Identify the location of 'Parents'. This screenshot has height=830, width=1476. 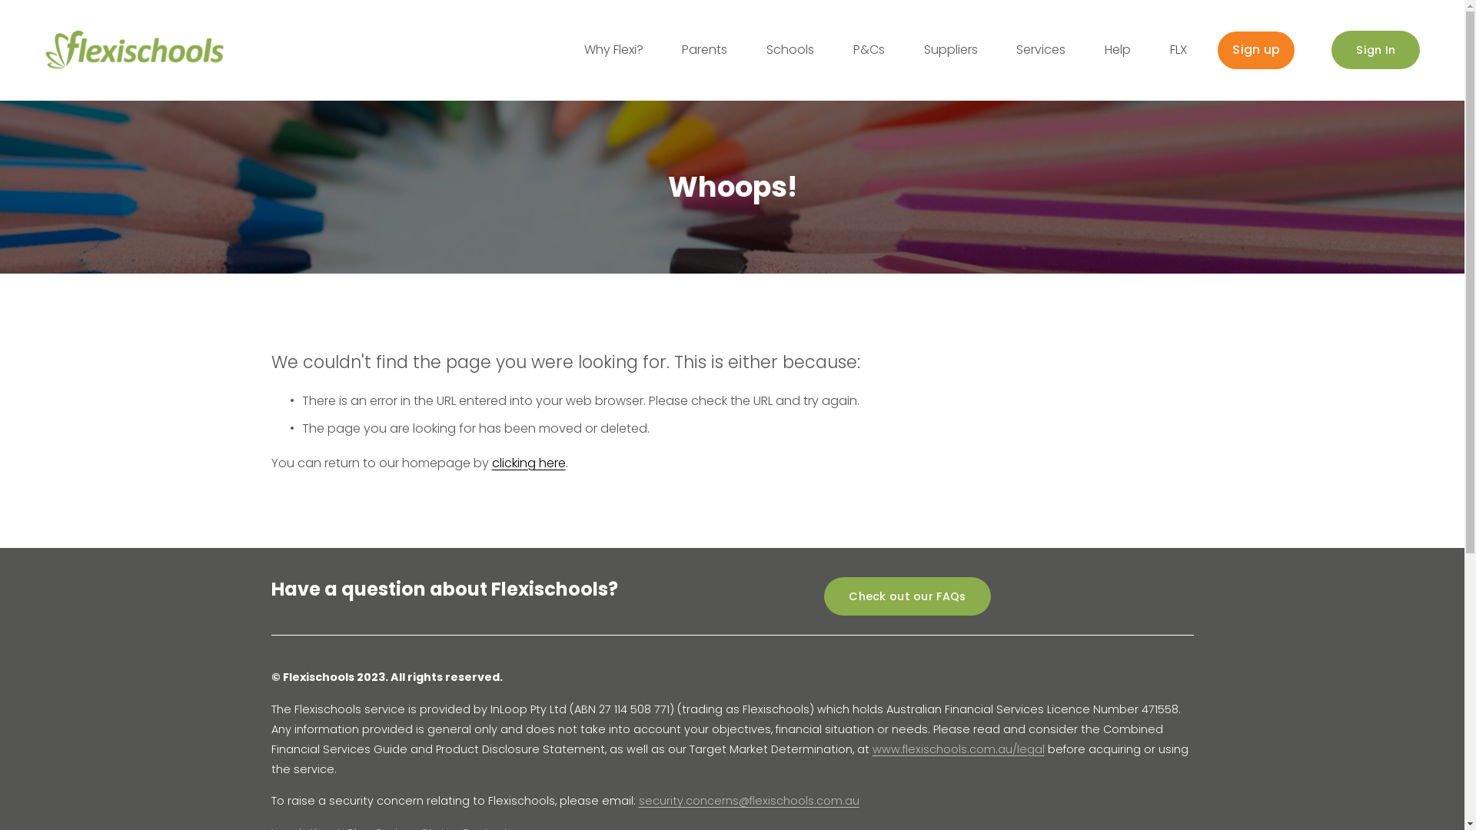
(703, 49).